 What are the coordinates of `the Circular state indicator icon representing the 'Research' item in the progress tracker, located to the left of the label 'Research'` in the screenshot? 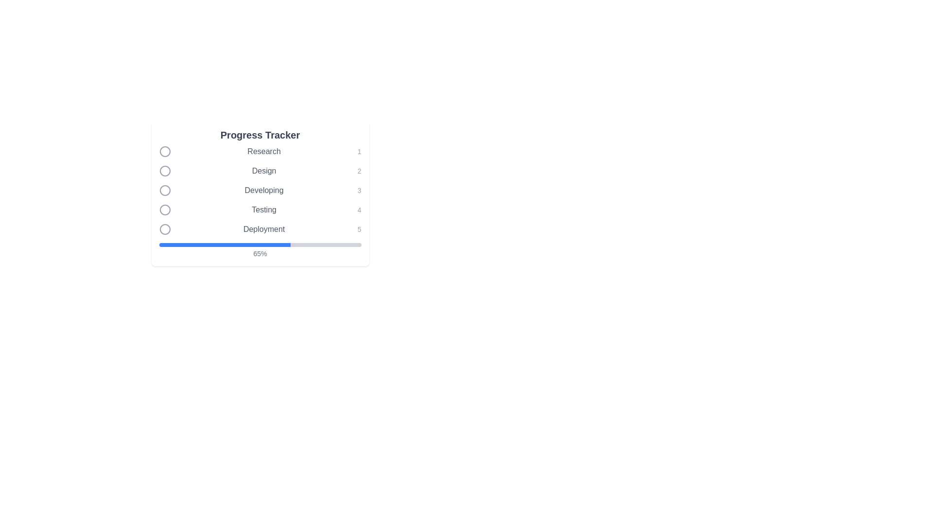 It's located at (165, 152).